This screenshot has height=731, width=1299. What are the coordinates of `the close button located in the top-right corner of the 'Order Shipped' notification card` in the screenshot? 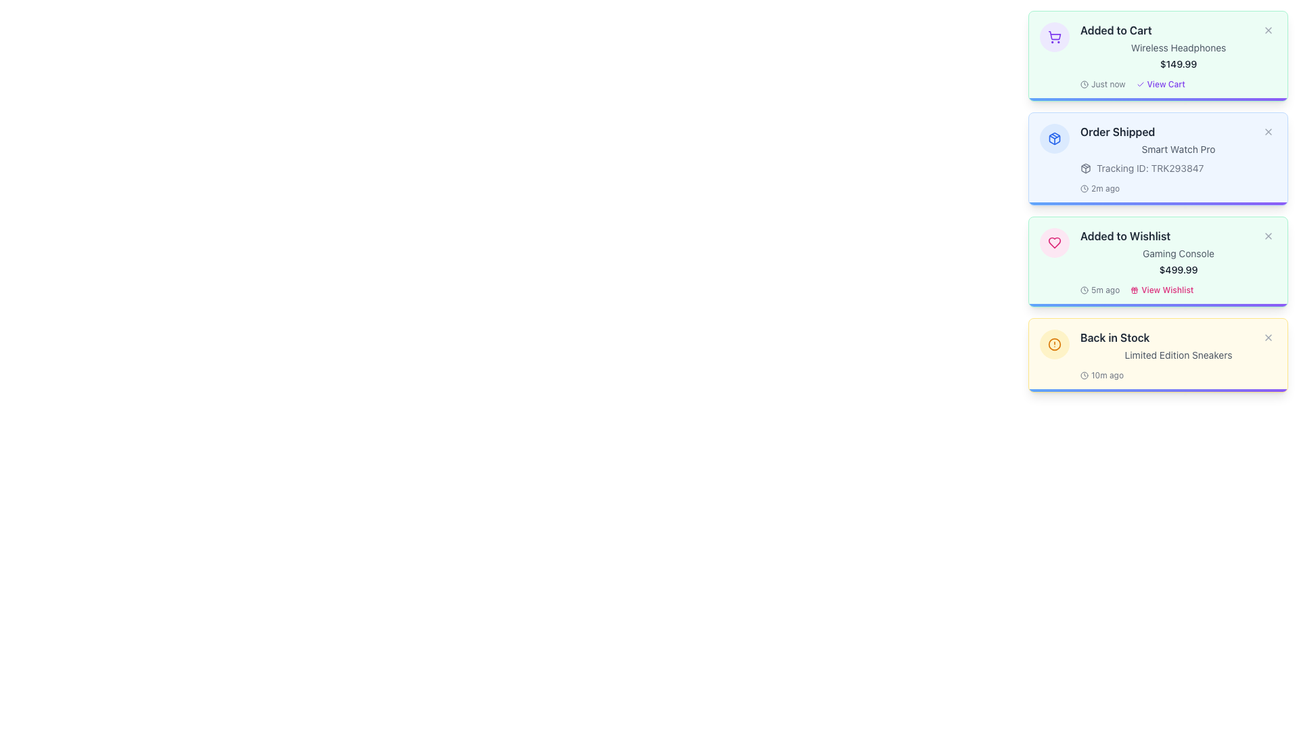 It's located at (1268, 132).